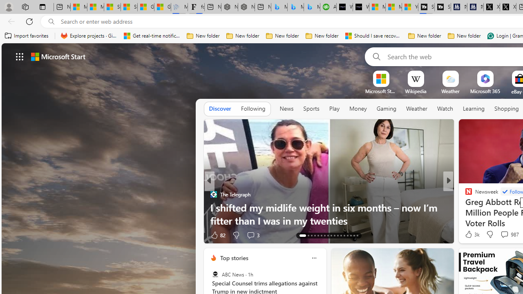 This screenshot has width=523, height=294. I want to click on 'AutomationID: tab-15', so click(311, 236).